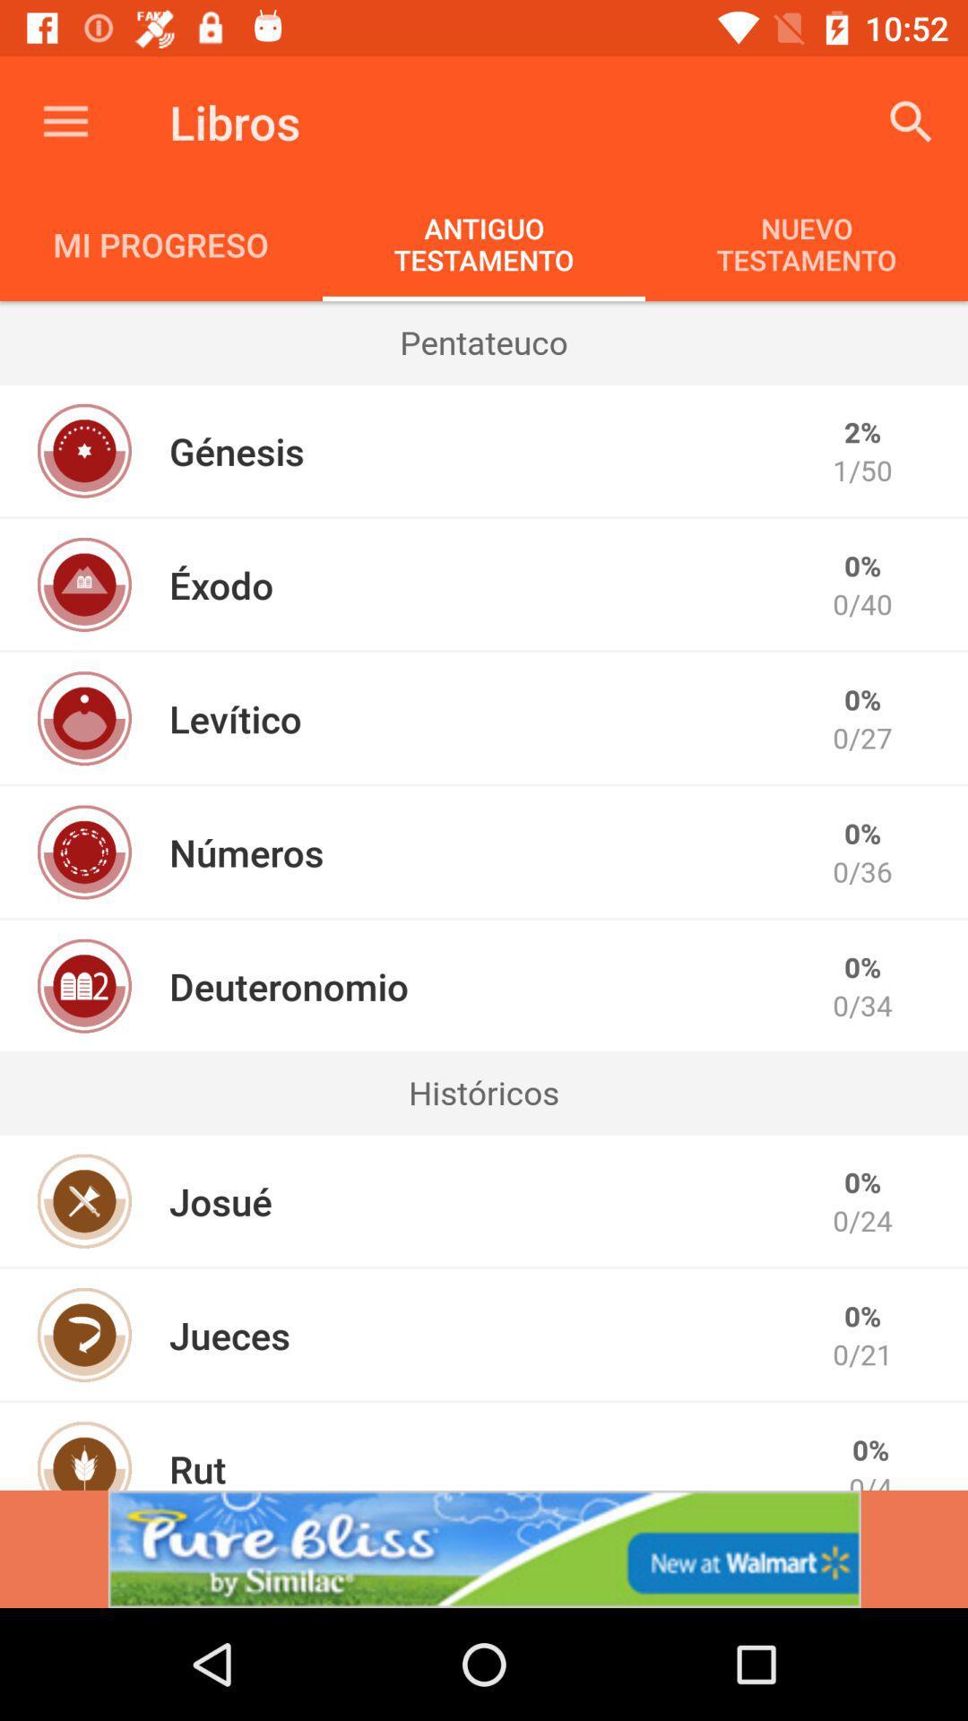  Describe the element at coordinates (246, 851) in the screenshot. I see `the icon to the left of 0/36` at that location.